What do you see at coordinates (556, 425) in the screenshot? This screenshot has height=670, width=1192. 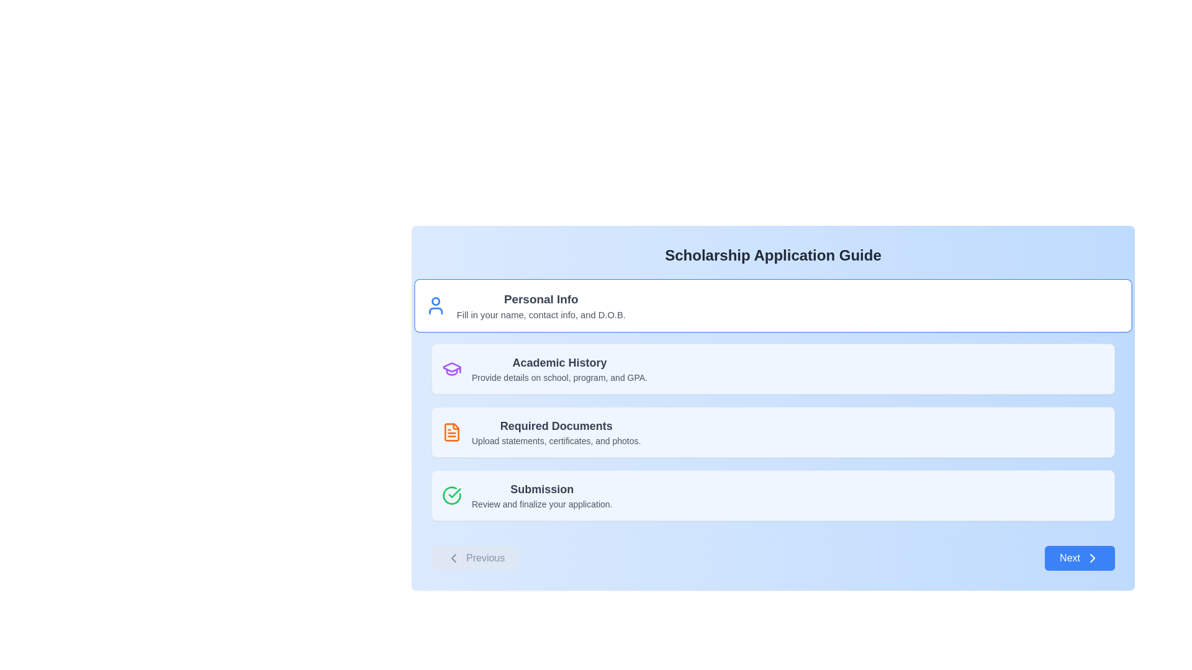 I see `the Heading text element that serves as the title for the section, positioned centrally above the text 'Upload statements, certificates, and photos.'` at bounding box center [556, 425].